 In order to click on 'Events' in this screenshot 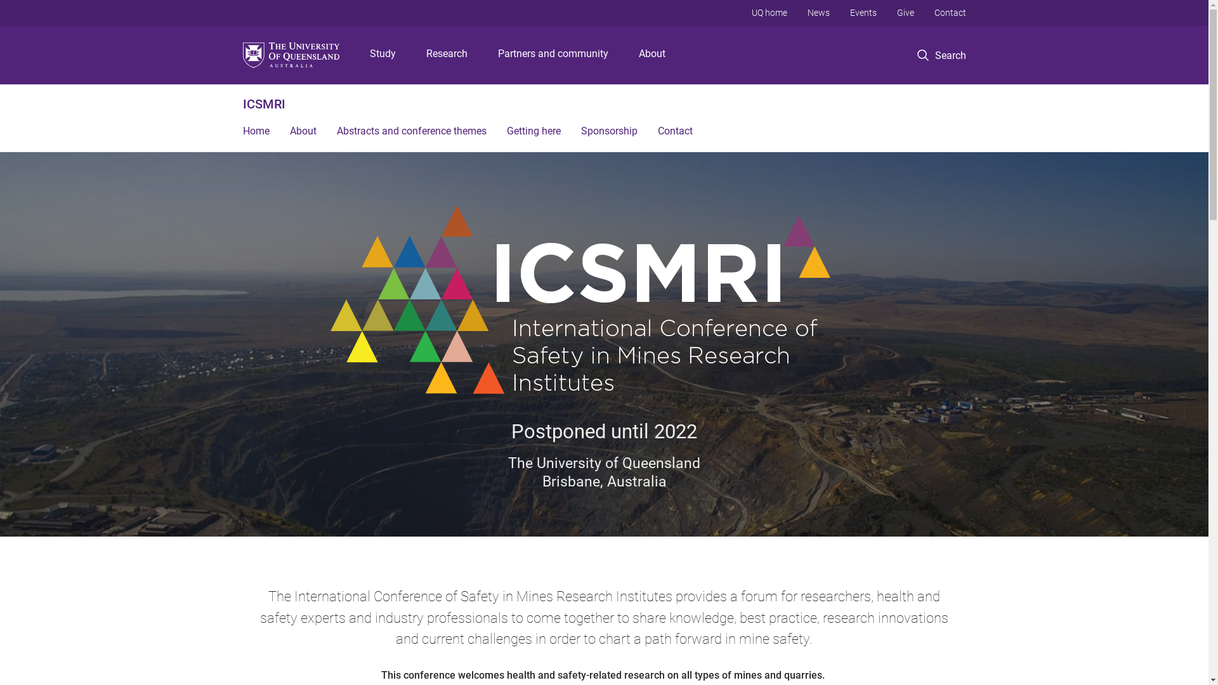, I will do `click(863, 13)`.